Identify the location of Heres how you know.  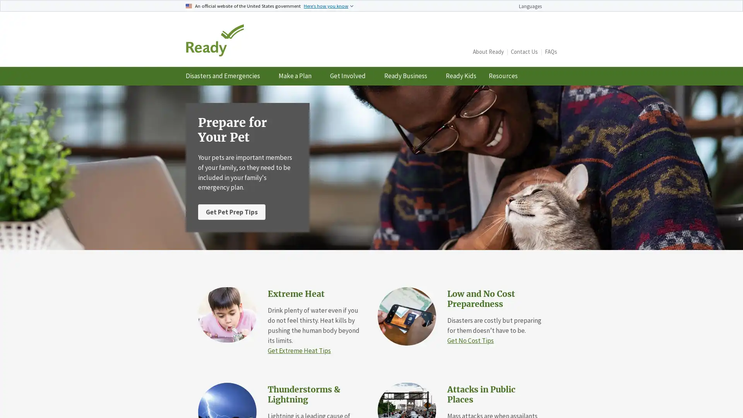
(329, 5).